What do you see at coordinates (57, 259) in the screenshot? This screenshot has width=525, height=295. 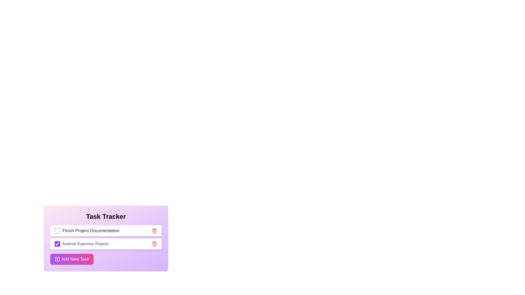 I see `the icon that visually indicates the action of adding a new task, which is located on the left side of the 'Add New Task' button in the bottom section of the layout` at bounding box center [57, 259].